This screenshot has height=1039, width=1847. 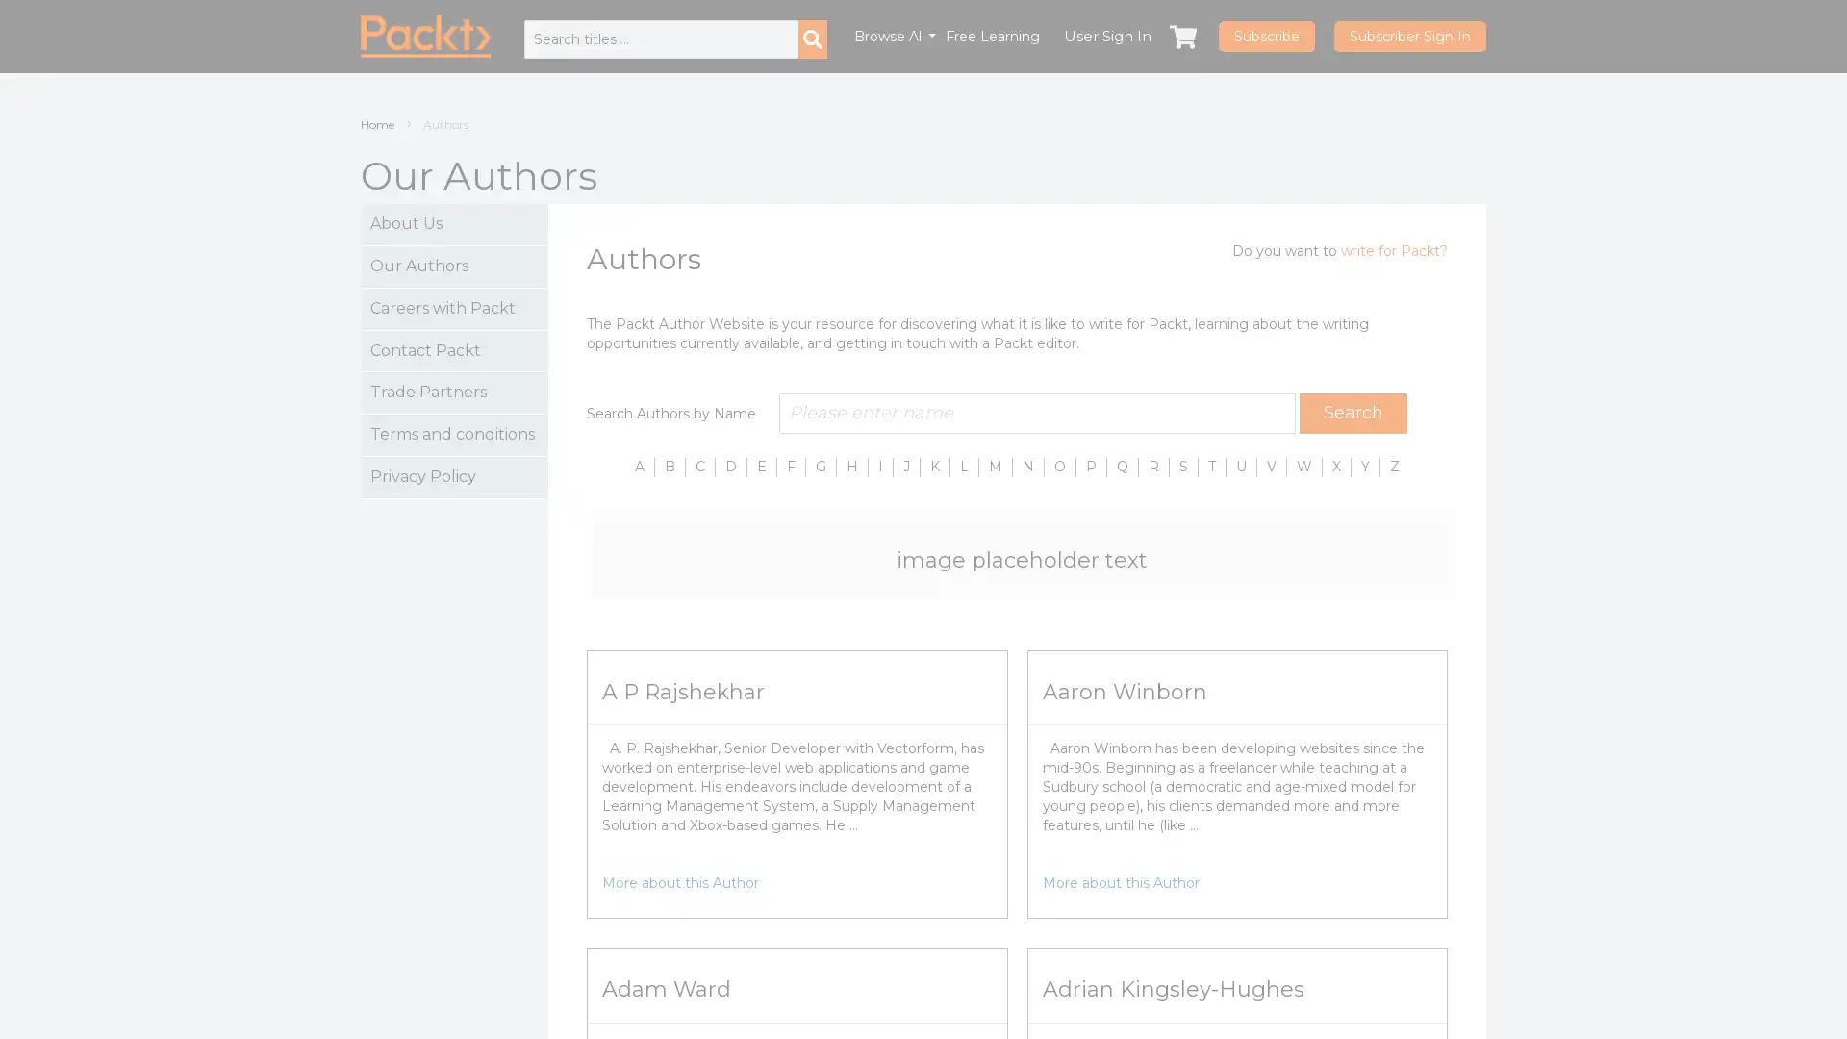 I want to click on Subscribe, so click(x=1266, y=37).